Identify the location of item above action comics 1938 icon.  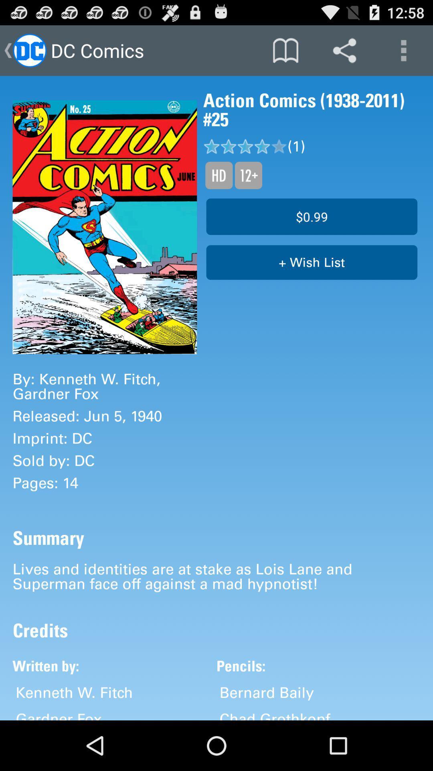
(344, 50).